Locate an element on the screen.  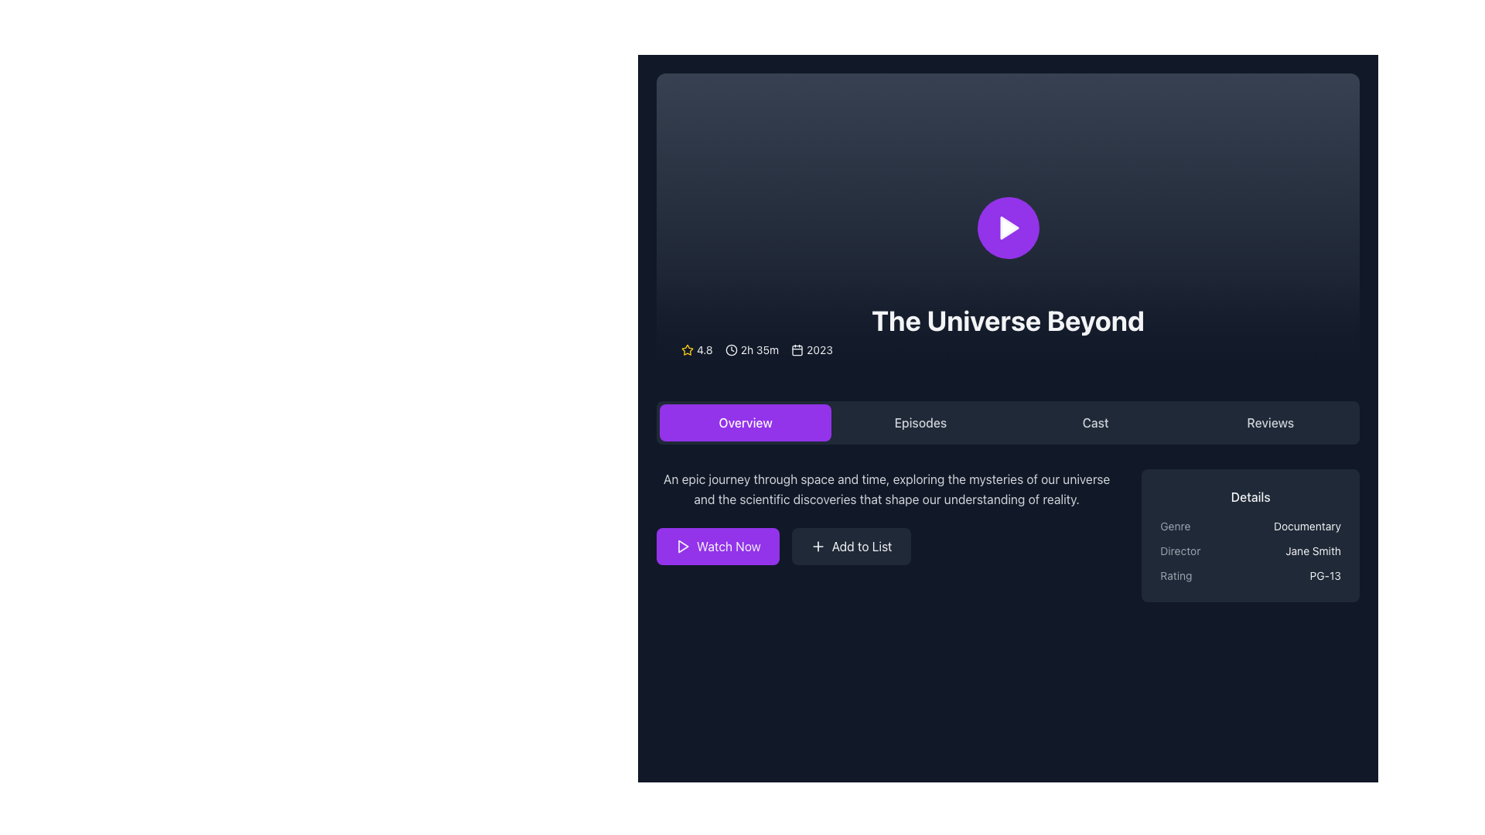
the rectangular button with a purple background and white text that reads 'Overview' is located at coordinates (746, 423).